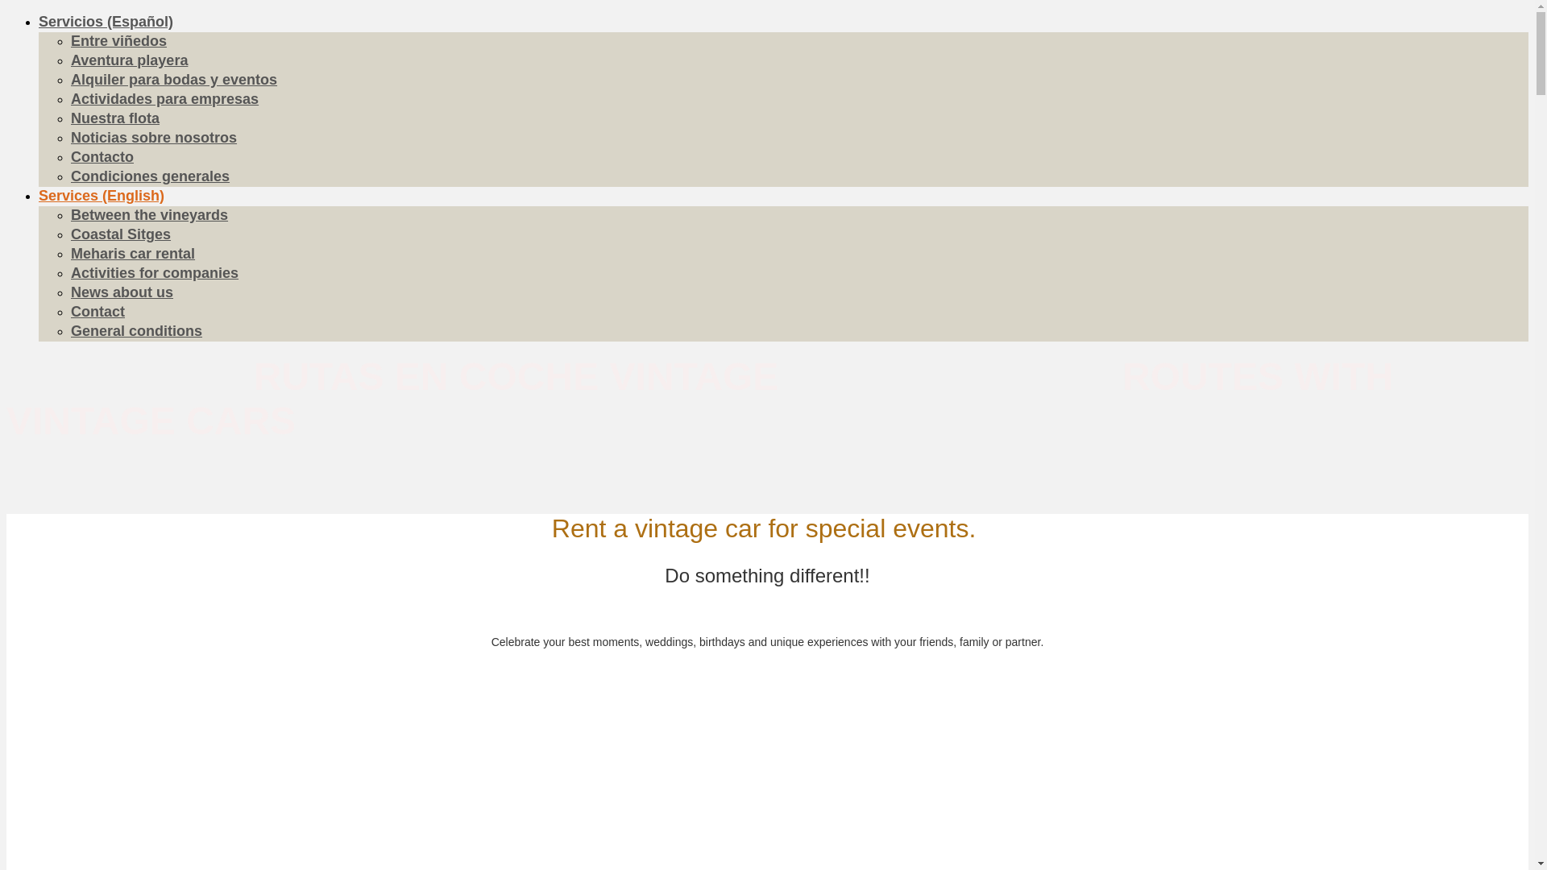 This screenshot has height=870, width=1547. I want to click on 'General conditions', so click(69, 330).